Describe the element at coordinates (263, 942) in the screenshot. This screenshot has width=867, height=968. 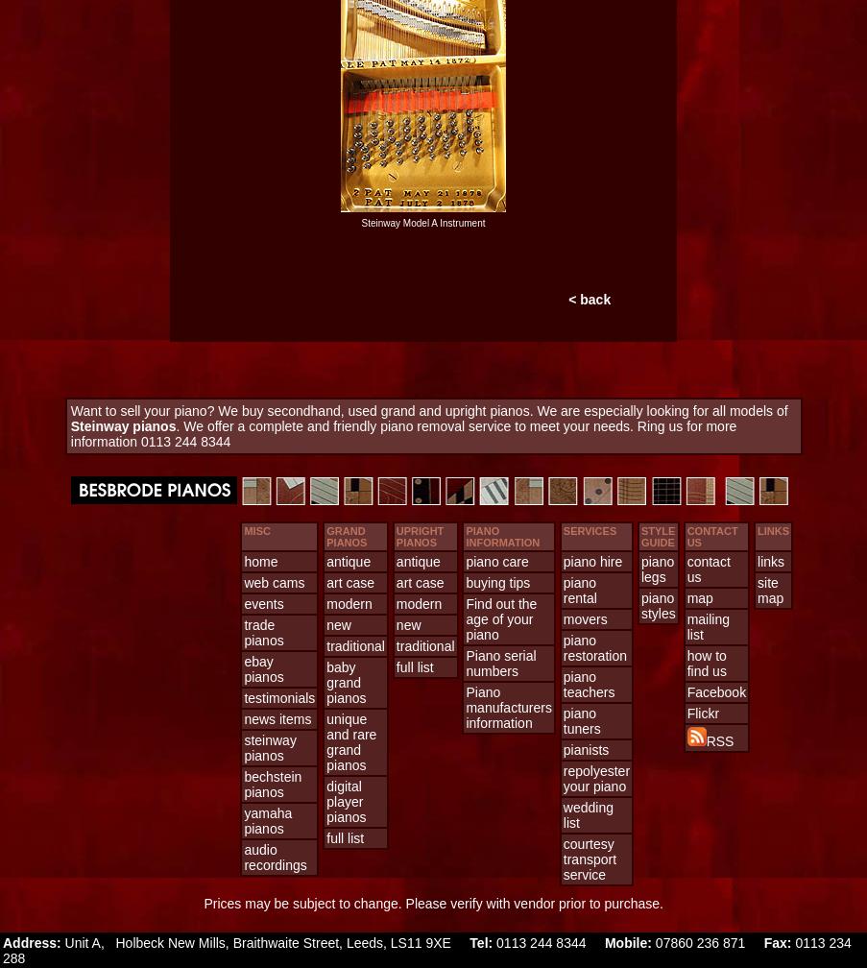
I see `'Unit A,   Holbeck New Mills,  Braithwaite Street,  Leeds,  LS11 9XE'` at that location.